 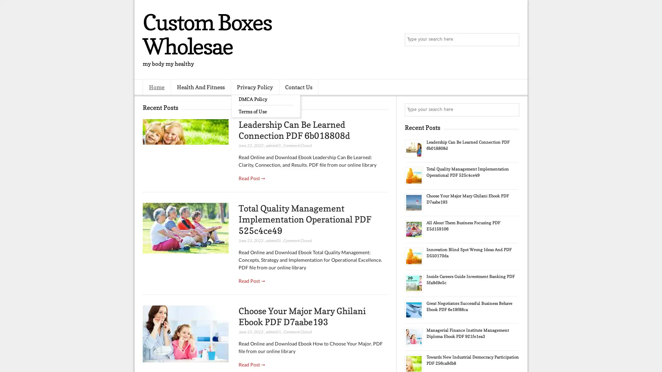 I want to click on Search, so click(x=512, y=40).